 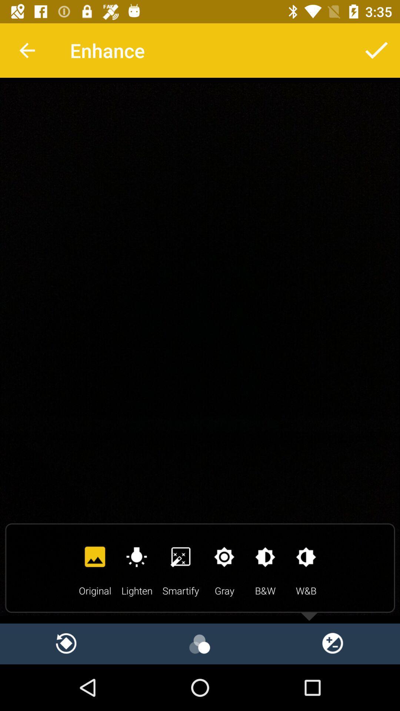 What do you see at coordinates (67, 643) in the screenshot?
I see `reload` at bounding box center [67, 643].